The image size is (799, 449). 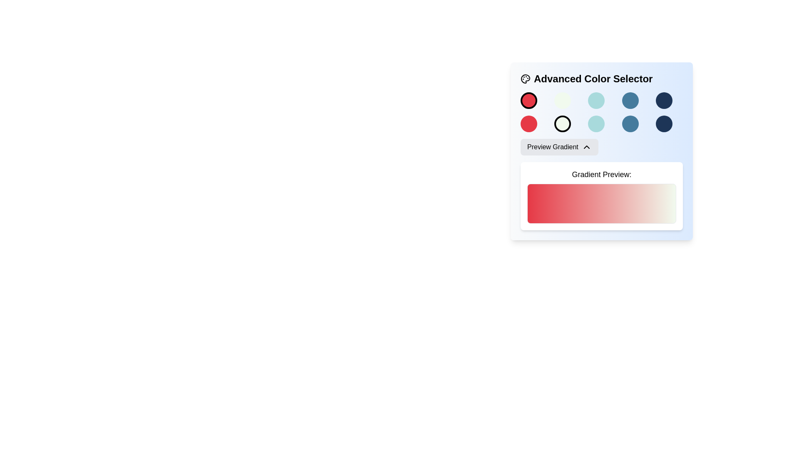 I want to click on the fifth circular color selection button representing dark blue (#1D3557), so click(x=663, y=100).